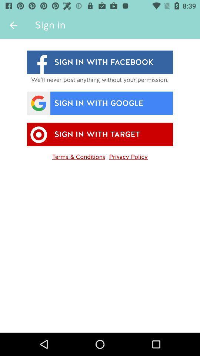 This screenshot has height=356, width=200. Describe the element at coordinates (128, 155) in the screenshot. I see `the icon to the right of the terms & conditions` at that location.